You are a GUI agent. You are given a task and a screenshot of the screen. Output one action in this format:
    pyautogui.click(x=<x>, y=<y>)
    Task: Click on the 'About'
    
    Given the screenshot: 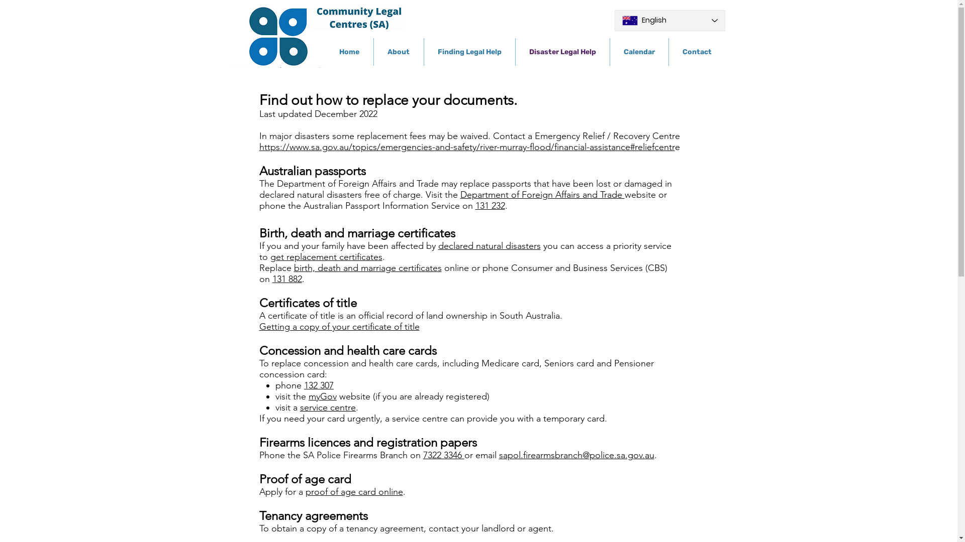 What is the action you would take?
    pyautogui.click(x=398, y=52)
    